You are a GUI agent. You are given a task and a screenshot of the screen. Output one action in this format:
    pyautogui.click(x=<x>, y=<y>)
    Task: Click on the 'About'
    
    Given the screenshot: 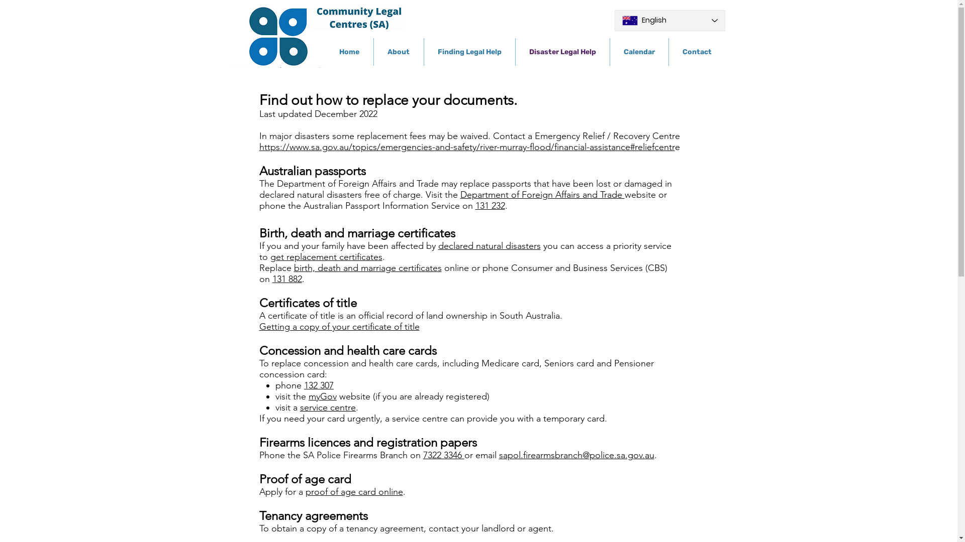 What is the action you would take?
    pyautogui.click(x=398, y=52)
    